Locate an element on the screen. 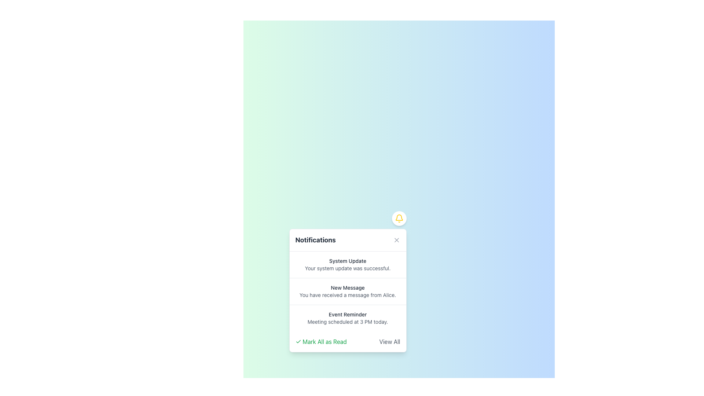 The width and height of the screenshot is (704, 396). the text label that serves as the heading for the notification about a new message received is located at coordinates (347, 287).